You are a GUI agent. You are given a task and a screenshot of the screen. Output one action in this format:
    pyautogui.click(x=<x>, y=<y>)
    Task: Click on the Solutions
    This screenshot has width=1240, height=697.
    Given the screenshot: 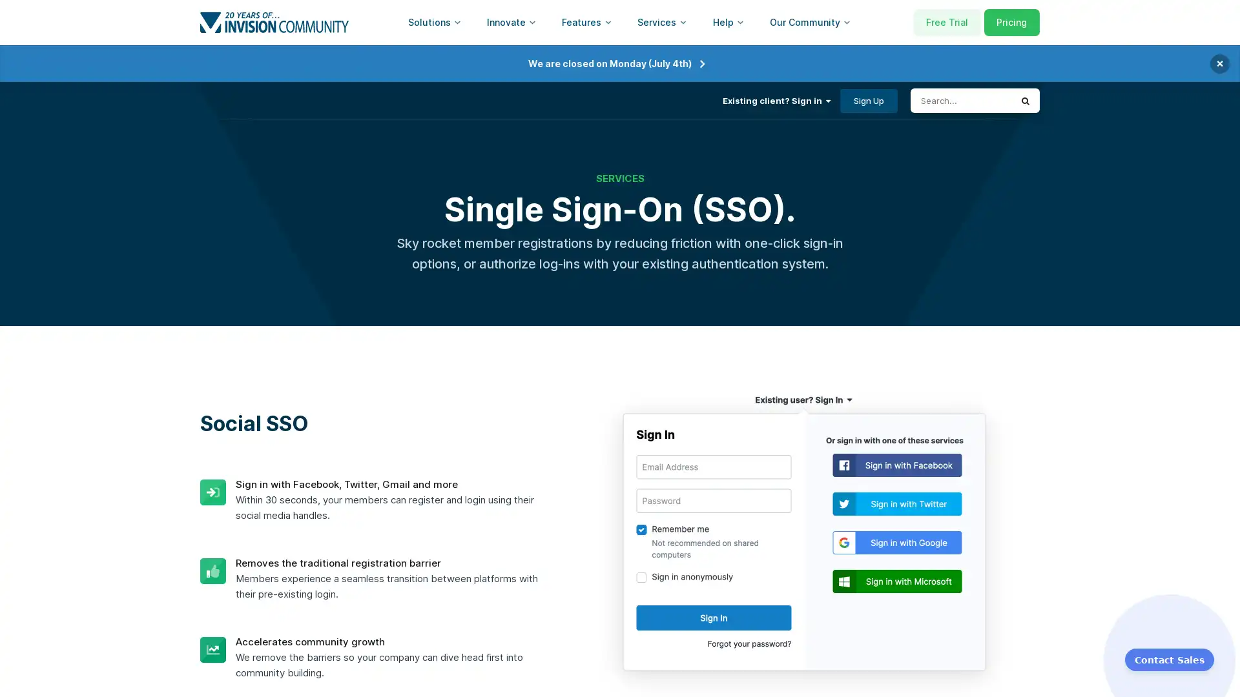 What is the action you would take?
    pyautogui.click(x=434, y=22)
    